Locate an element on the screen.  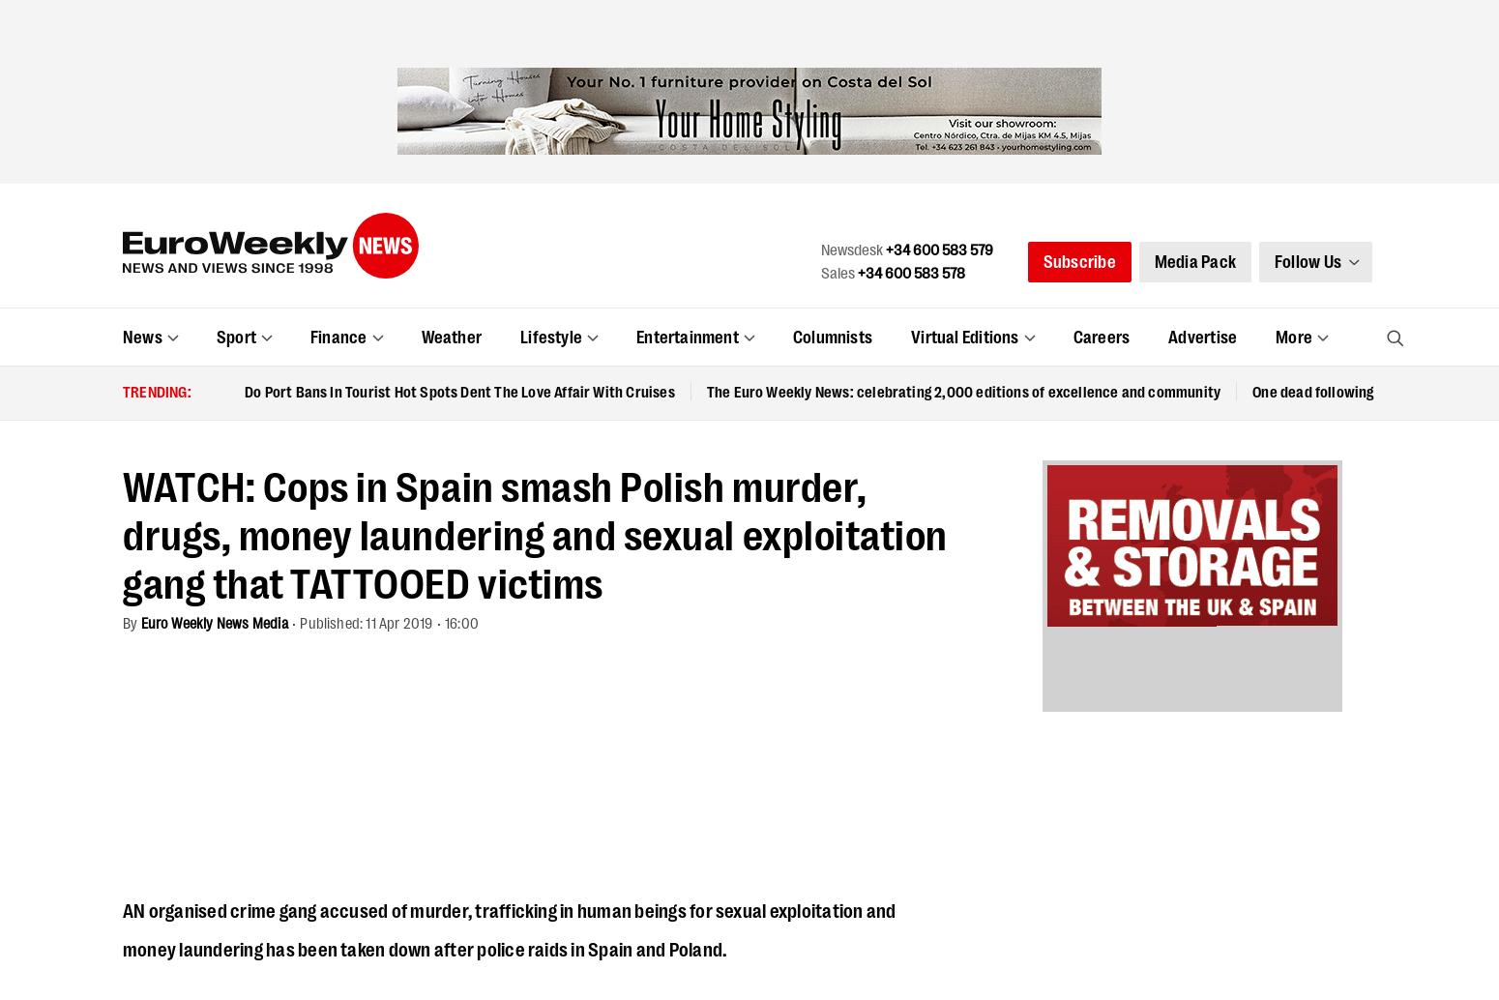
'Continue Reading' is located at coordinates (547, 798).